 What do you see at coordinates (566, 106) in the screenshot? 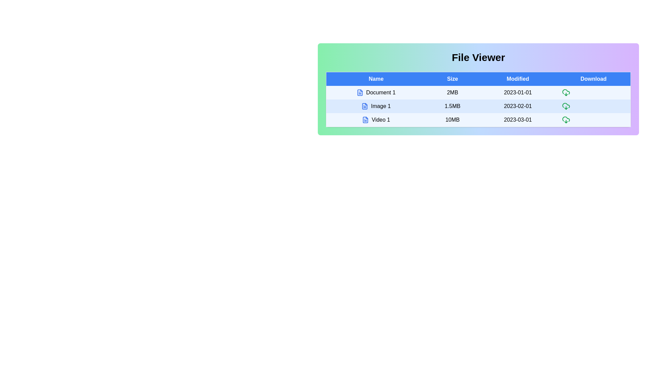
I see `the download icon for the row corresponding to Image 1` at bounding box center [566, 106].